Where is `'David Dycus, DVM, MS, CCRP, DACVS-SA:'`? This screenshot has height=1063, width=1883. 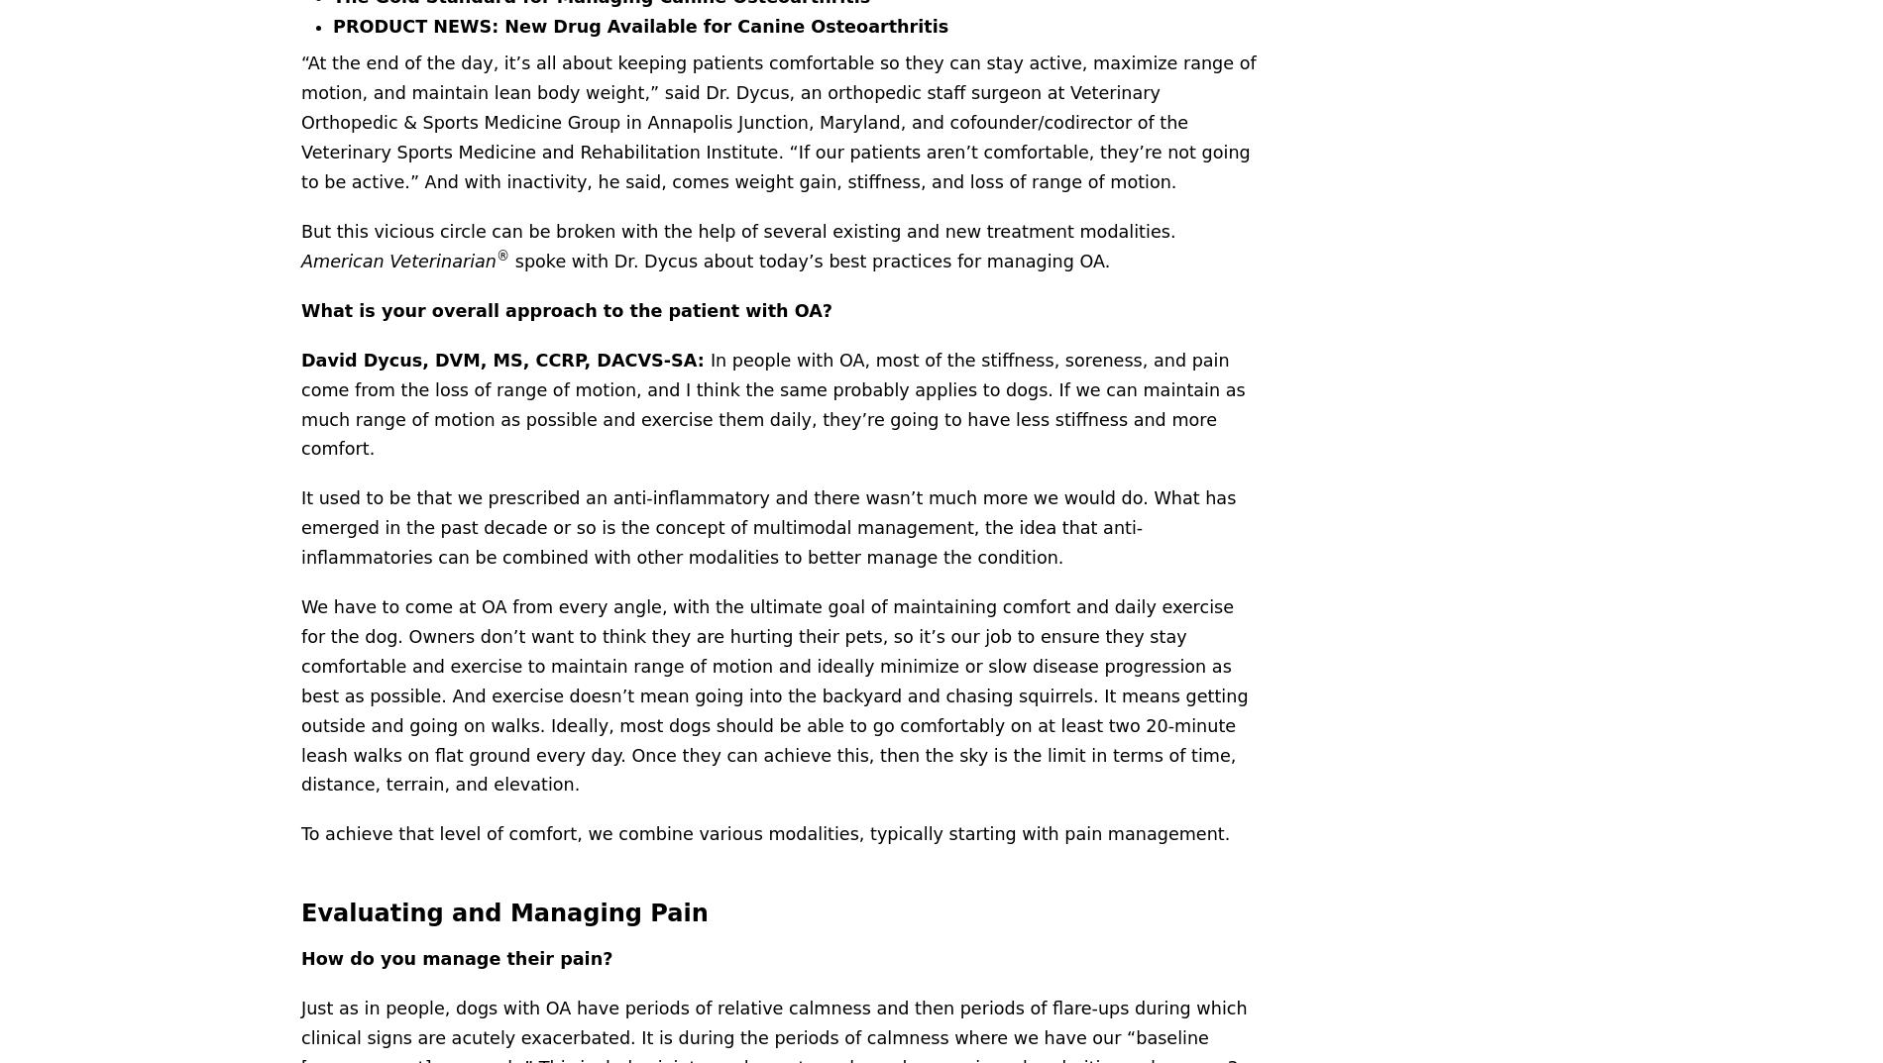
'David Dycus, DVM, MS, CCRP, DACVS-SA:' is located at coordinates (504, 358).